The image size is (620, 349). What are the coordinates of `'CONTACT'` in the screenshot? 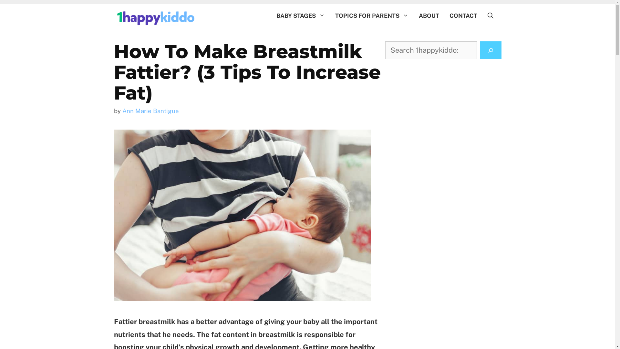 It's located at (444, 16).